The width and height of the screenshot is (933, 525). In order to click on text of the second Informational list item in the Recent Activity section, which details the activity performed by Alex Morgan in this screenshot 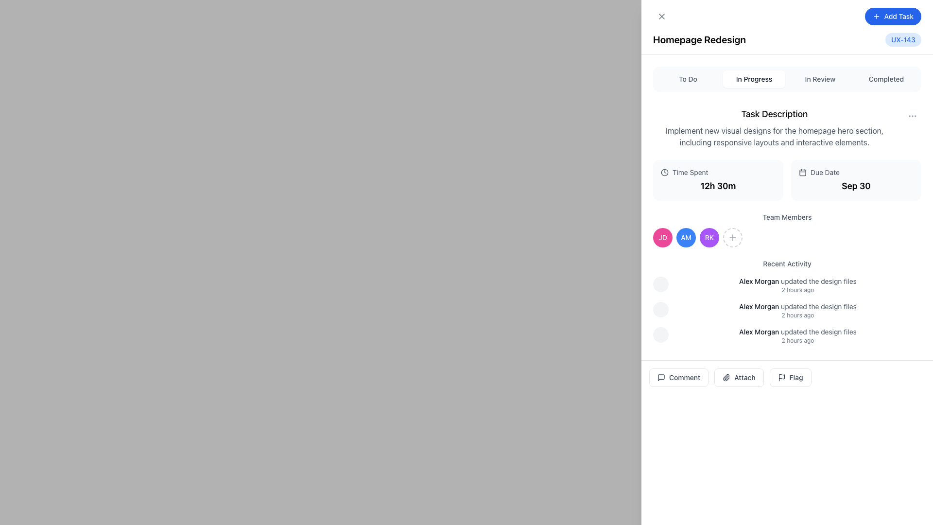, I will do `click(797, 311)`.